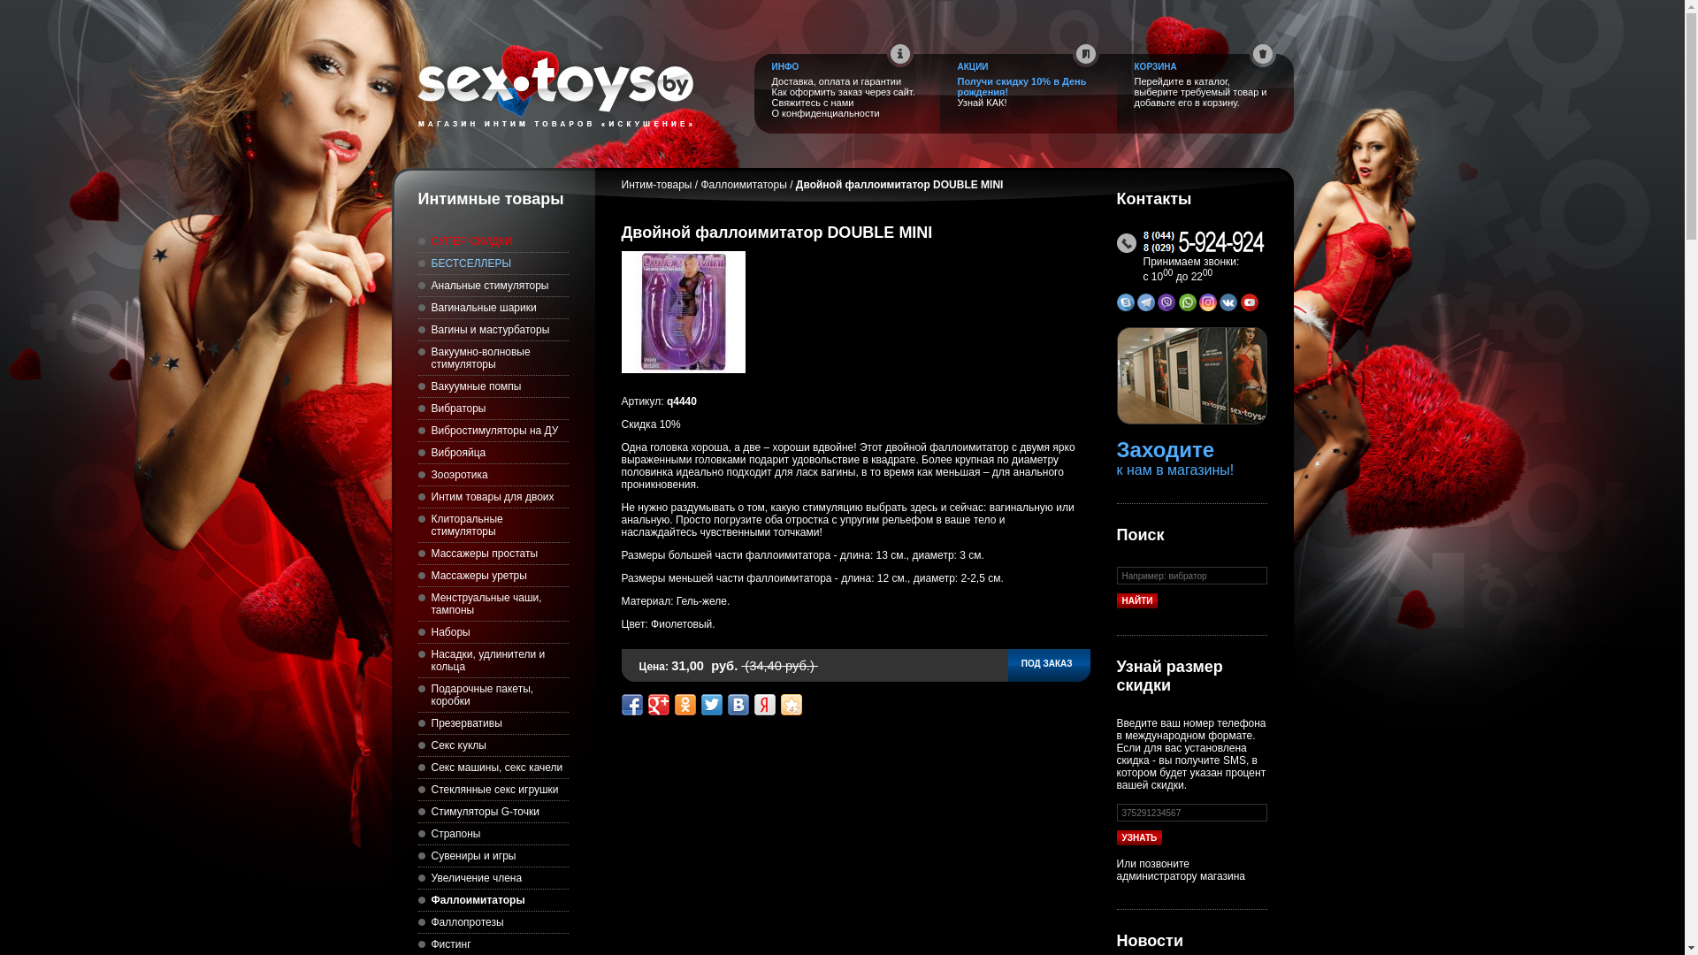 This screenshot has width=1698, height=955. I want to click on 'Share on Facebook', so click(631, 704).